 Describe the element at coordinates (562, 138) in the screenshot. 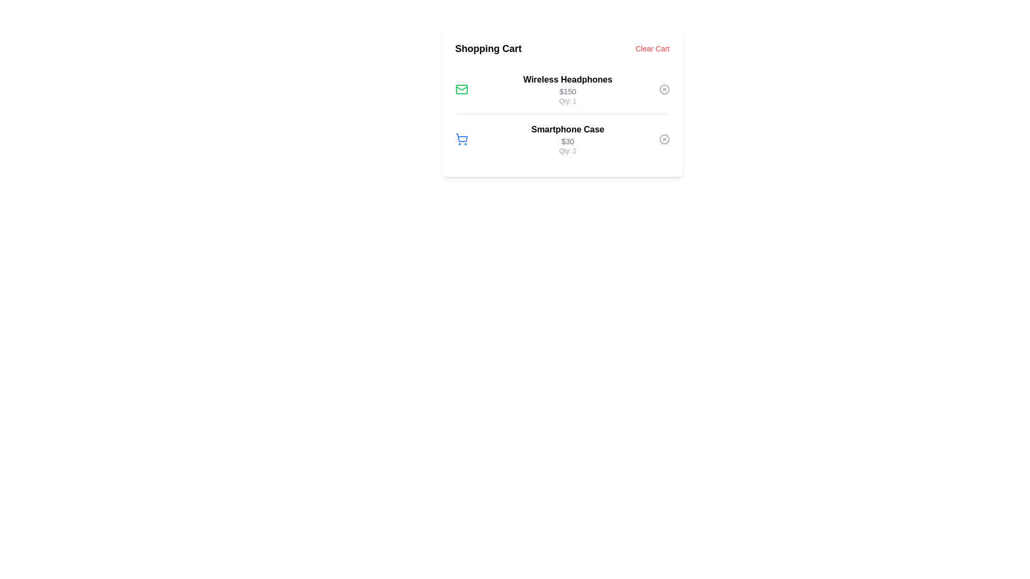

I see `the quantity indicator 'Qty: 2' of the shopping cart entry for 'Smartphone Case' to adjust the quantity` at that location.